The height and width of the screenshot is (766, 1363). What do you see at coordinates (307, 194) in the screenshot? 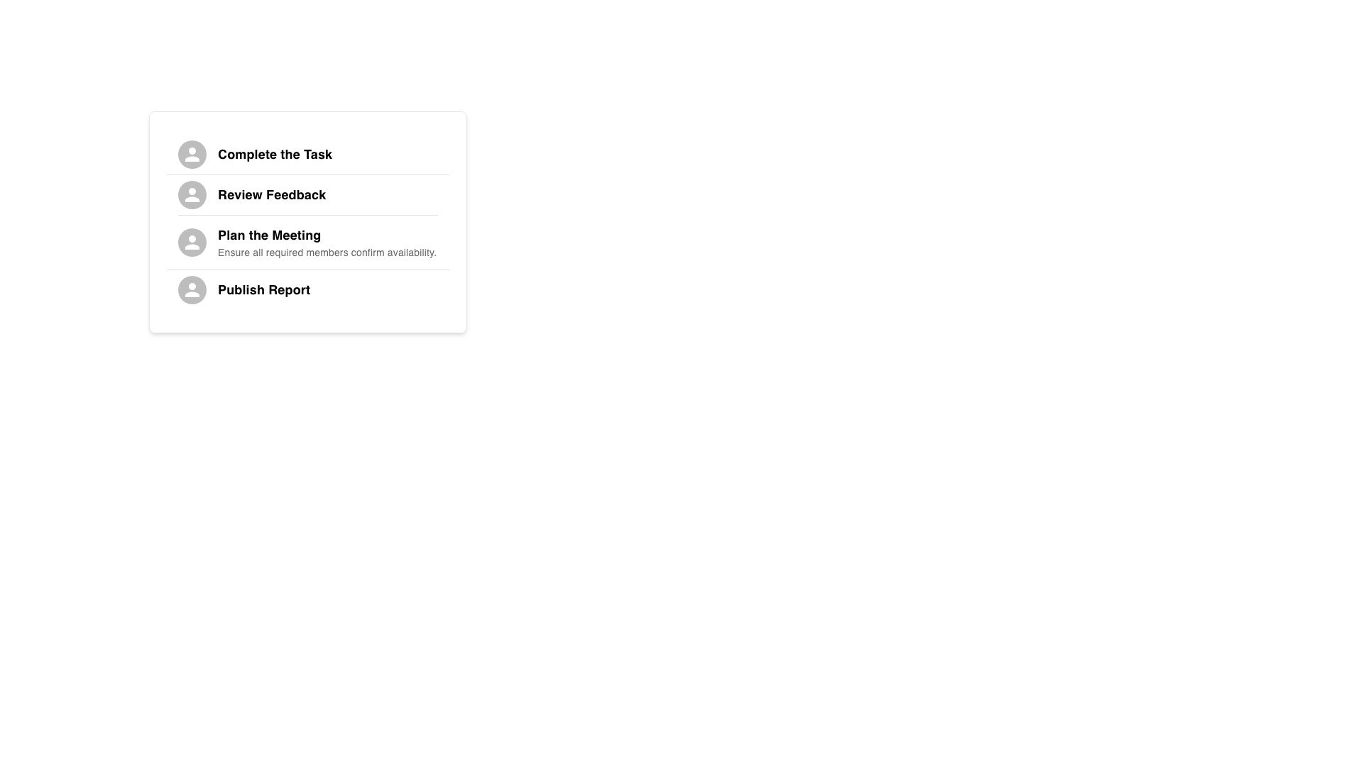
I see `the second list item labeled 'Review Feedback'` at bounding box center [307, 194].